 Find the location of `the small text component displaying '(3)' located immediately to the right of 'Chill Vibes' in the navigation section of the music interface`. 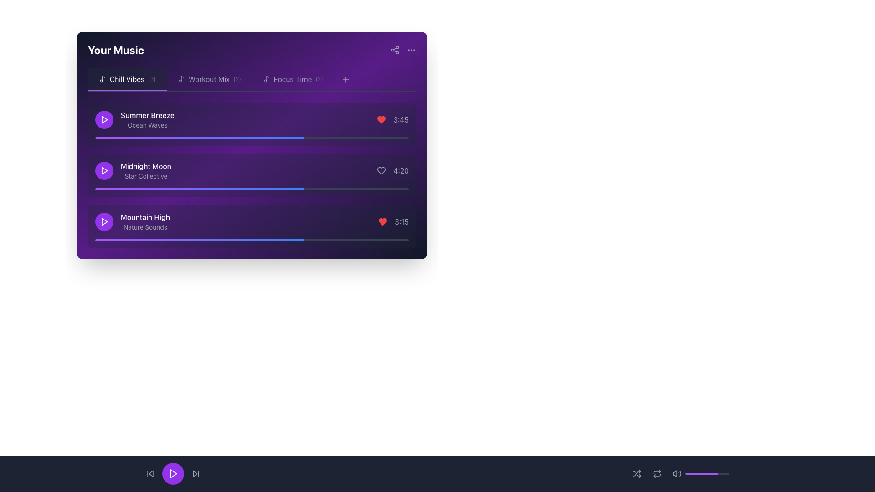

the small text component displaying '(3)' located immediately to the right of 'Chill Vibes' in the navigation section of the music interface is located at coordinates (152, 78).